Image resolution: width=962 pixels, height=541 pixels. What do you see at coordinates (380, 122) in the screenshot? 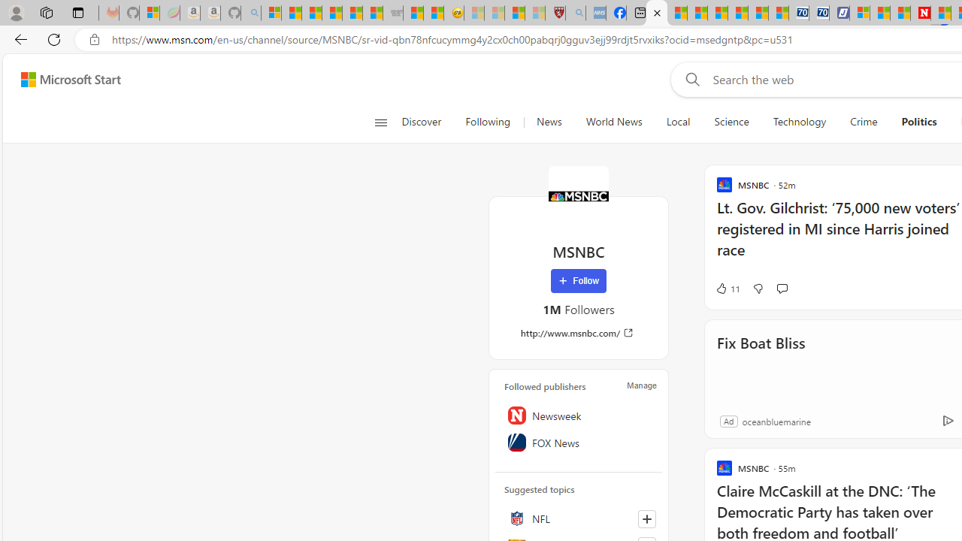
I see `'Open navigation menu'` at bounding box center [380, 122].